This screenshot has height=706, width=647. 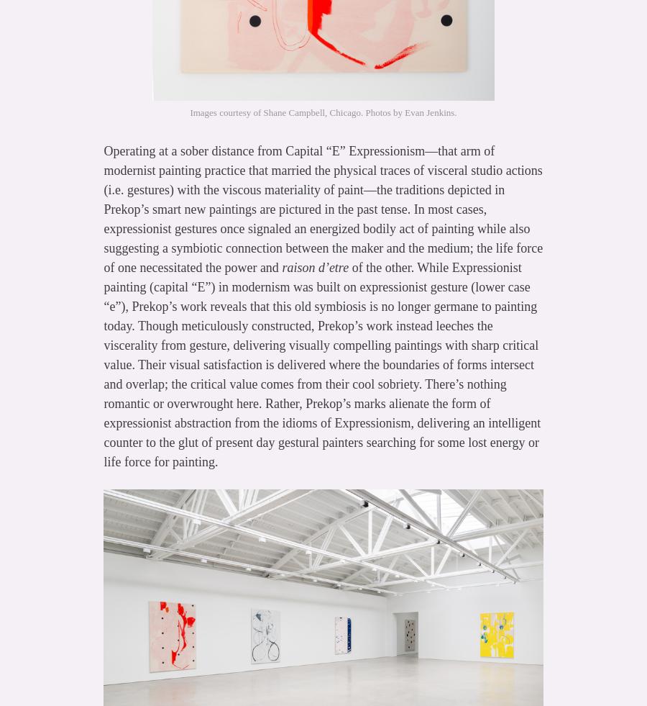 What do you see at coordinates (276, 599) in the screenshot?
I see `'http://hyperallergic.com/169650/the-death-of-painting-all-new-2014-edition/'` at bounding box center [276, 599].